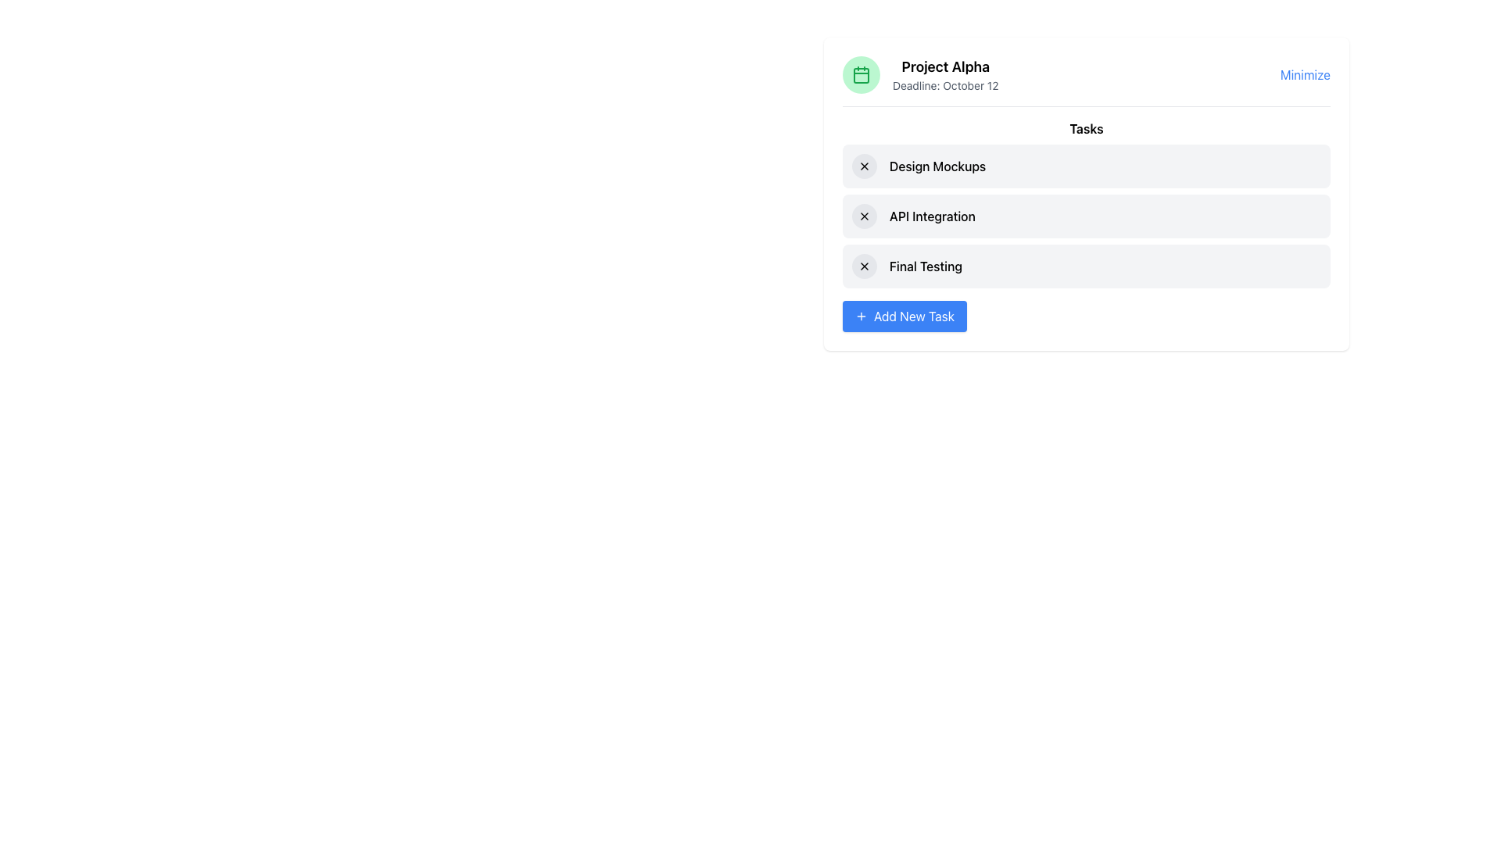 This screenshot has height=844, width=1501. What do you see at coordinates (863, 166) in the screenshot?
I see `the circular button with a light gray background and a black 'X' icon, located to the left of the 'Design Mockups' task item` at bounding box center [863, 166].